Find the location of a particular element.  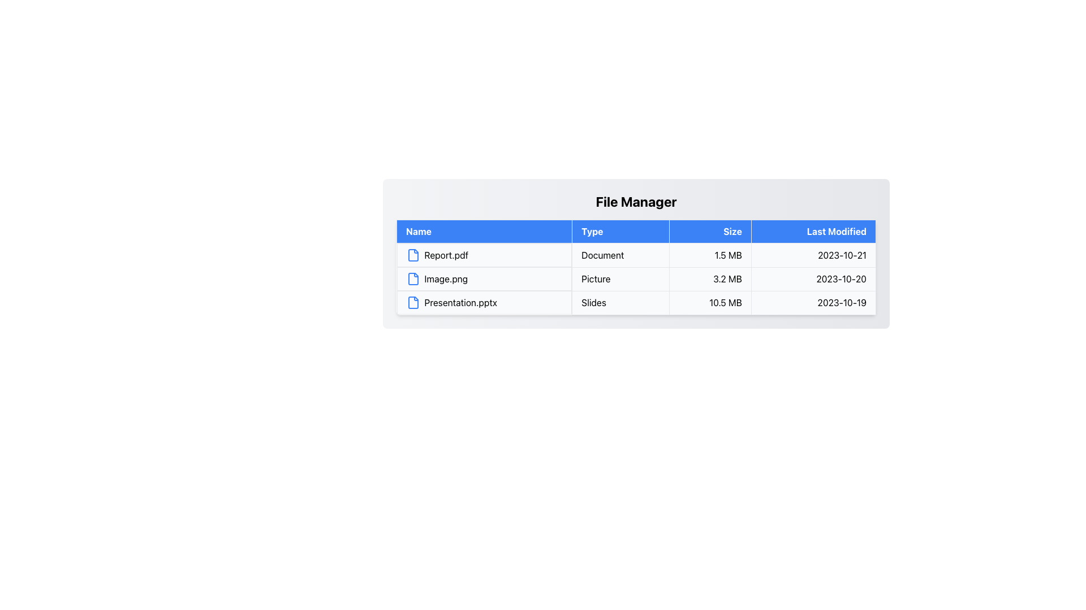

the text display that shows the date '2023-10-20' in the 'Last Modified' column of the second row for the file 'Image.png' is located at coordinates (813, 278).